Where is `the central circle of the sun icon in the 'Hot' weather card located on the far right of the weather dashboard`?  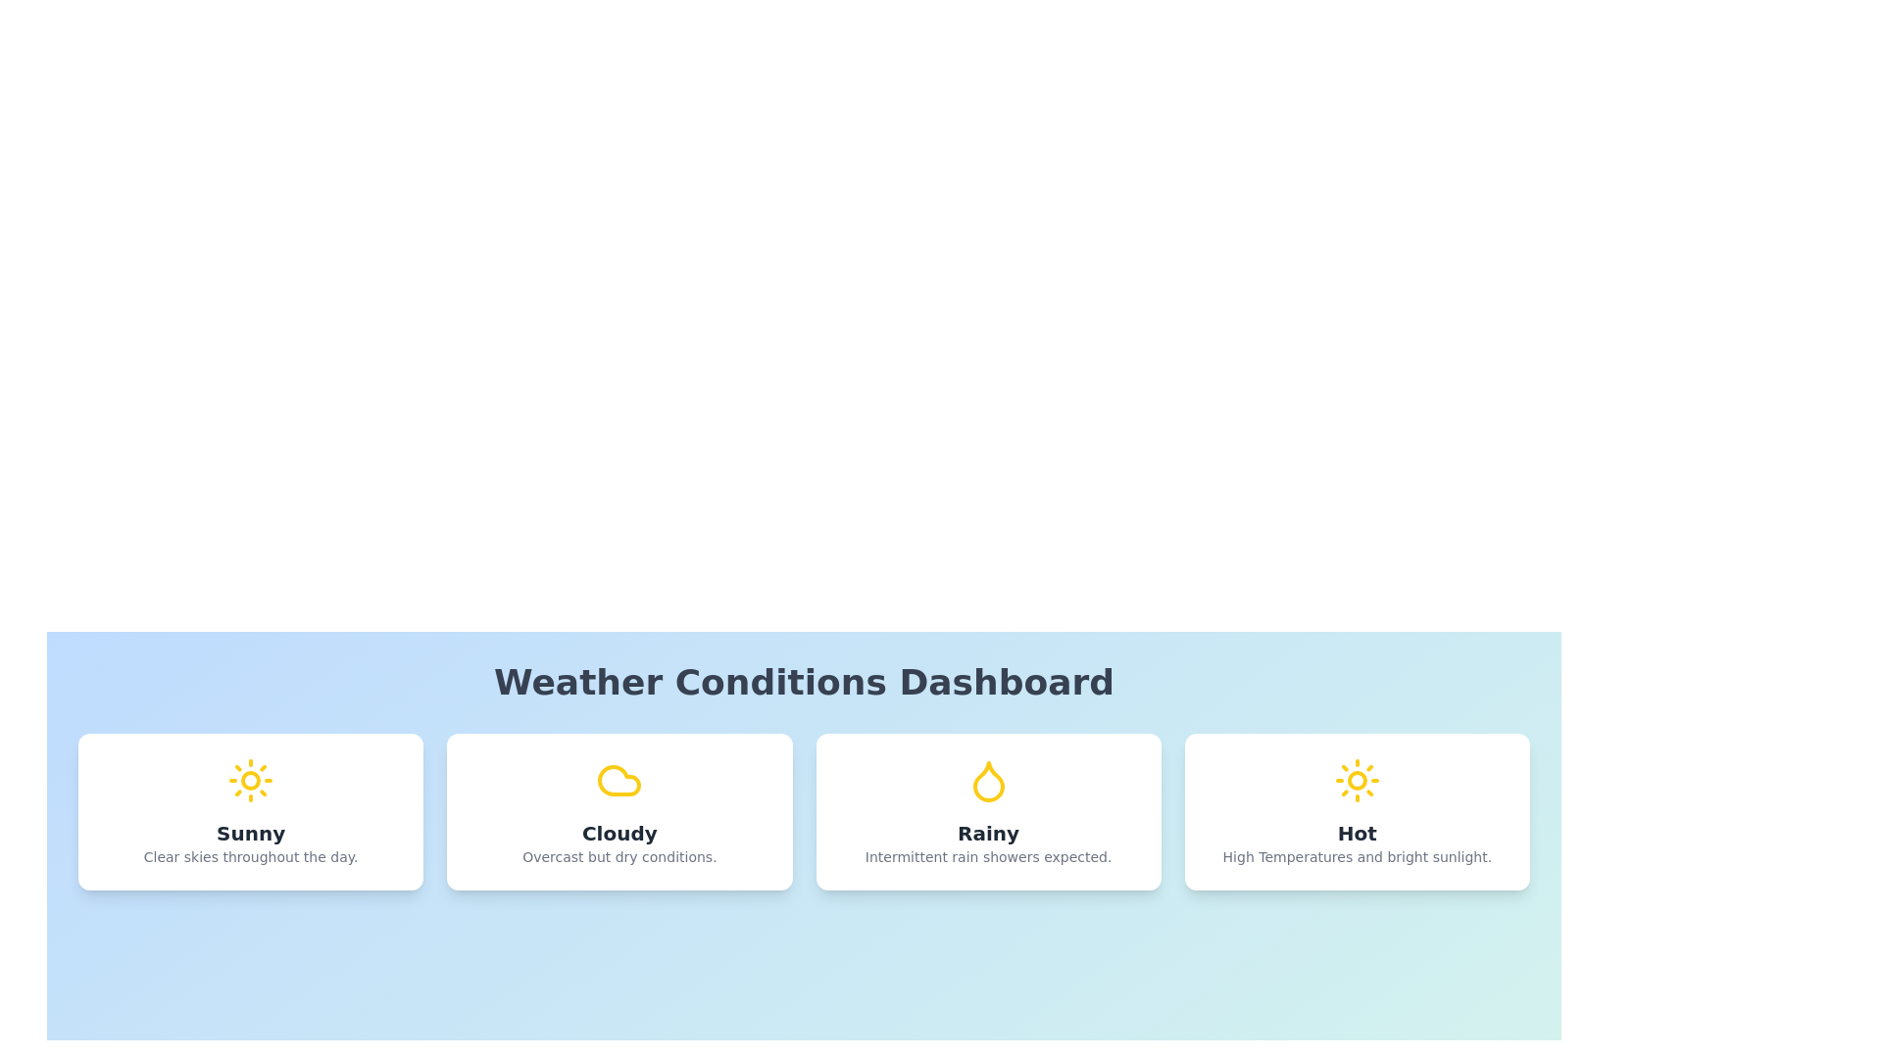 the central circle of the sun icon in the 'Hot' weather card located on the far right of the weather dashboard is located at coordinates (1356, 780).